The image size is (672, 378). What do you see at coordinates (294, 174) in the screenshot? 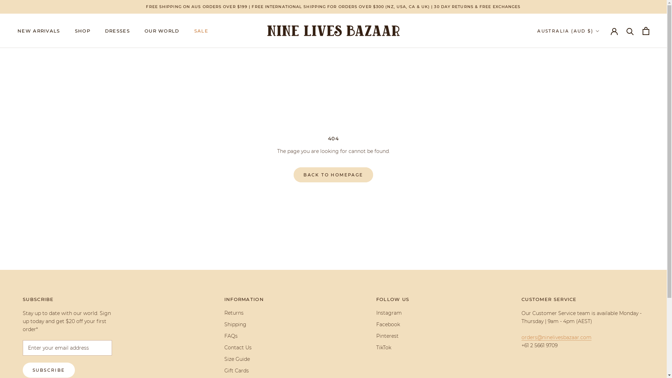
I see `'BACK TO HOMEPAGE'` at bounding box center [294, 174].